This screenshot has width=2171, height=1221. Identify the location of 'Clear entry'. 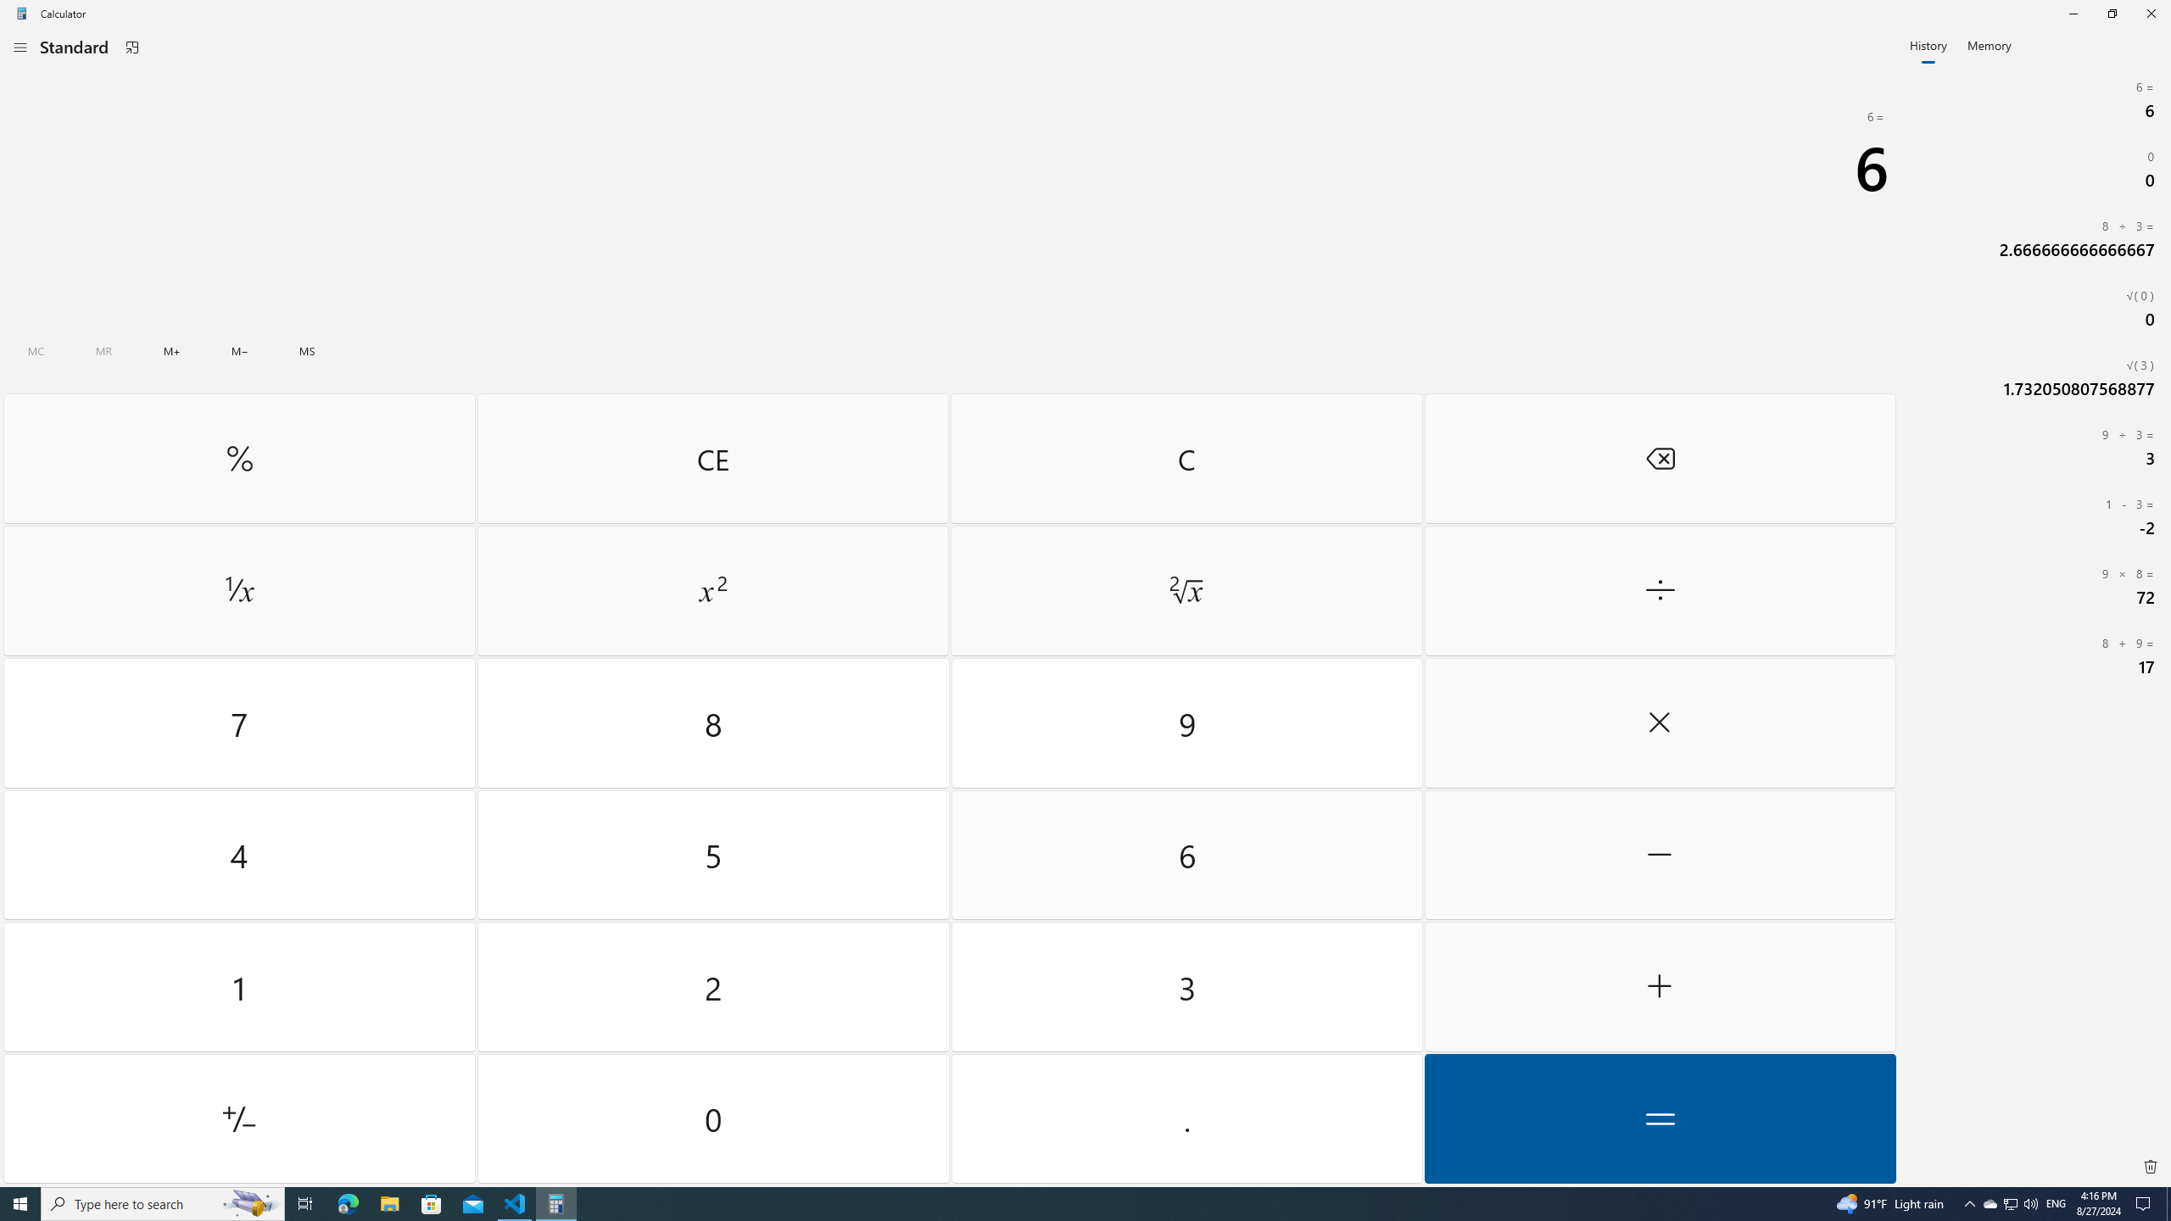
(712, 458).